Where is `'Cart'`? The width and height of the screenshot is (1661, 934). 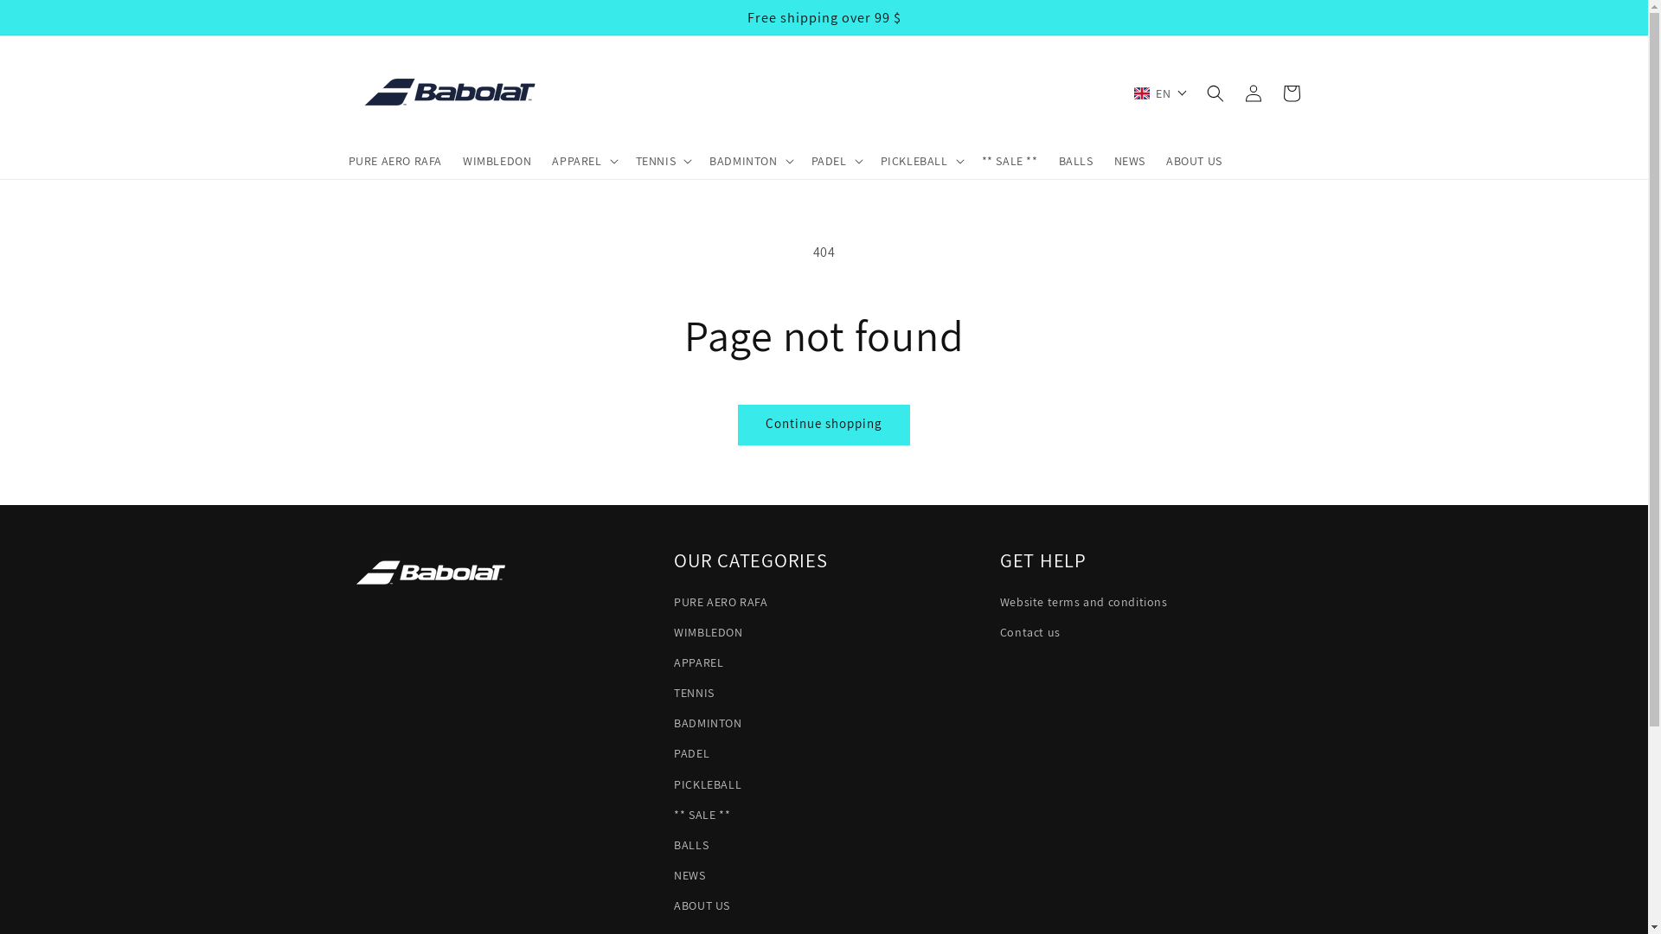 'Cart' is located at coordinates (1291, 93).